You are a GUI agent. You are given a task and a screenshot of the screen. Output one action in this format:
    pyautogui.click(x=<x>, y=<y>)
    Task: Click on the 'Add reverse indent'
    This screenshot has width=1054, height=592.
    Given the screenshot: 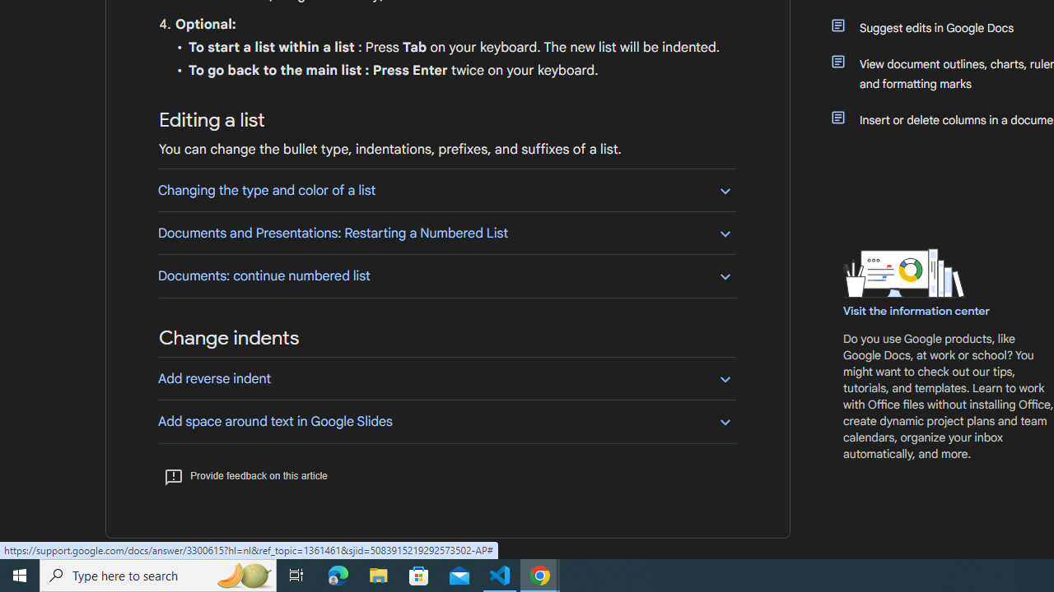 What is the action you would take?
    pyautogui.click(x=446, y=378)
    